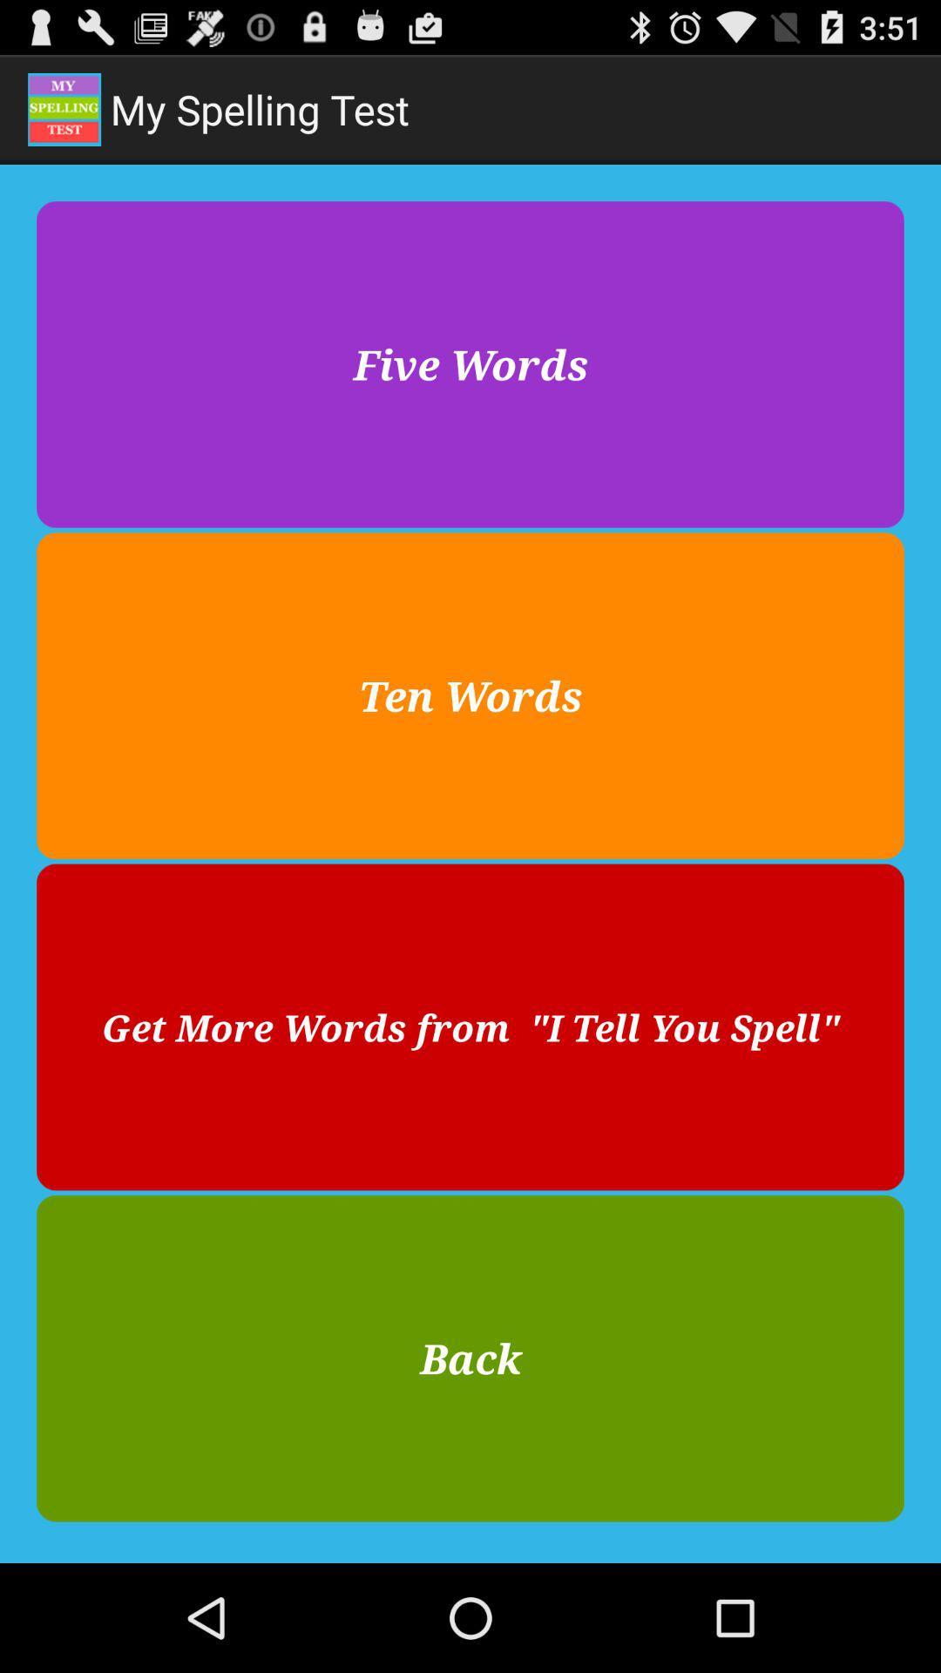 The image size is (941, 1673). Describe the element at coordinates (470, 1358) in the screenshot. I see `back item` at that location.